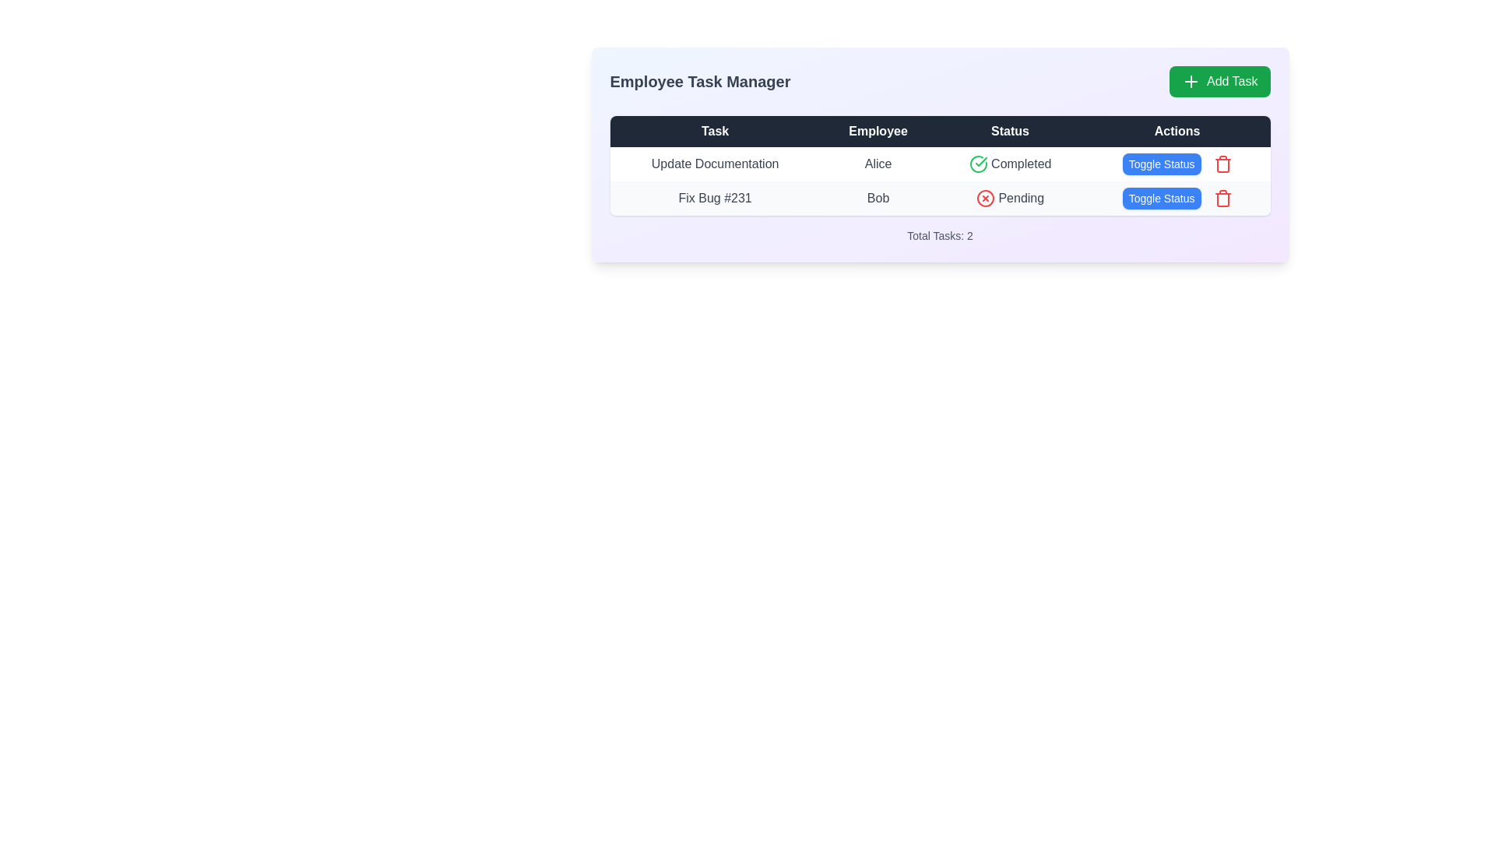  Describe the element at coordinates (984, 198) in the screenshot. I see `the pending status icon located in the 'Status' column of the second row in the table, which visually indicates that the task status is pending` at that location.